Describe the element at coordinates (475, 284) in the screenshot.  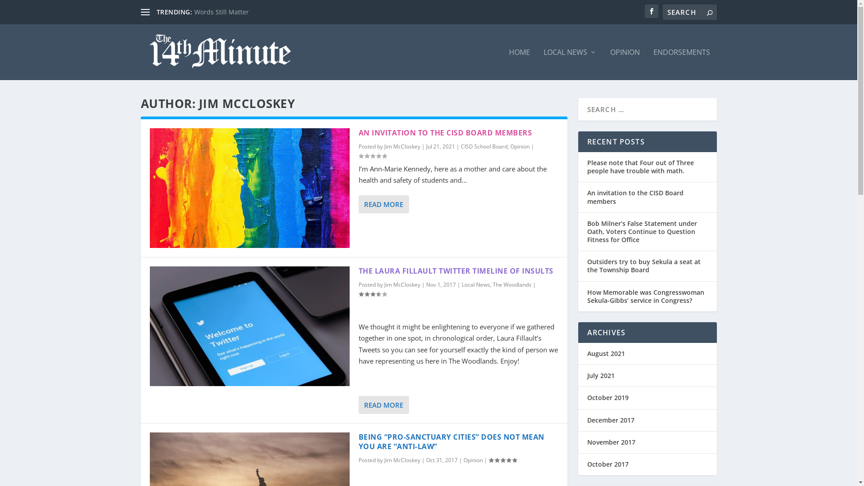
I see `'Local News'` at that location.